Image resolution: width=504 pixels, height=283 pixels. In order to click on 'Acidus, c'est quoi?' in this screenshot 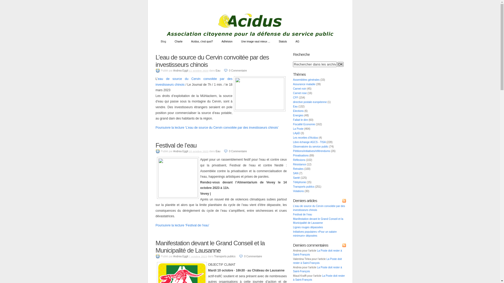, I will do `click(187, 41)`.